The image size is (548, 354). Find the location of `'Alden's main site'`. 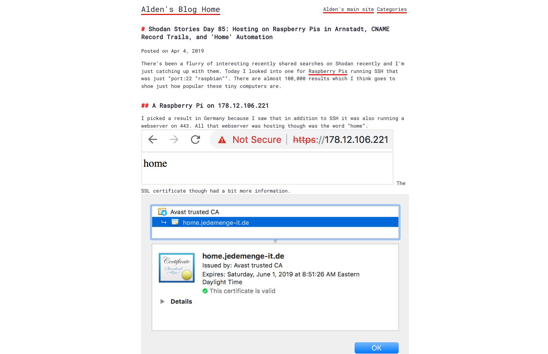

'Alden's main site' is located at coordinates (348, 9).